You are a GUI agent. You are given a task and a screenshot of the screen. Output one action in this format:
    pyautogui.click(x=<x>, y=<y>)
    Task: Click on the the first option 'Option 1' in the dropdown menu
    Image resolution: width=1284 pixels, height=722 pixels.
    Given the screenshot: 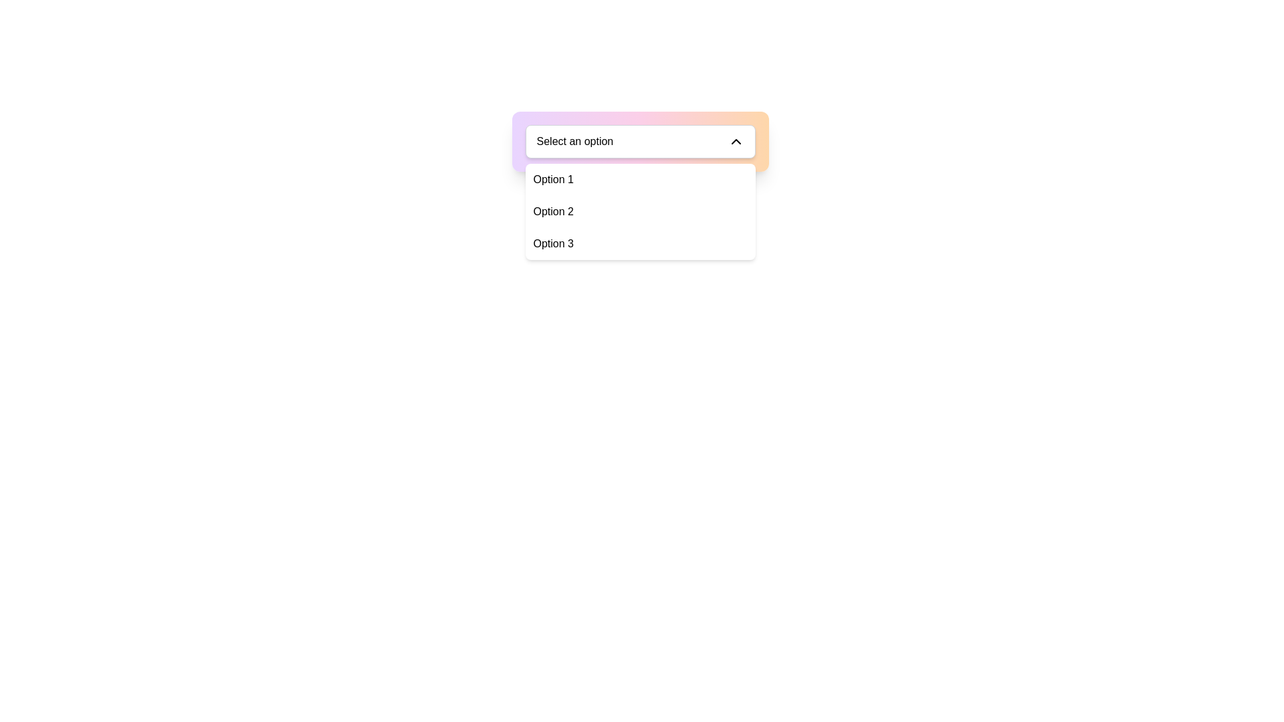 What is the action you would take?
    pyautogui.click(x=639, y=179)
    